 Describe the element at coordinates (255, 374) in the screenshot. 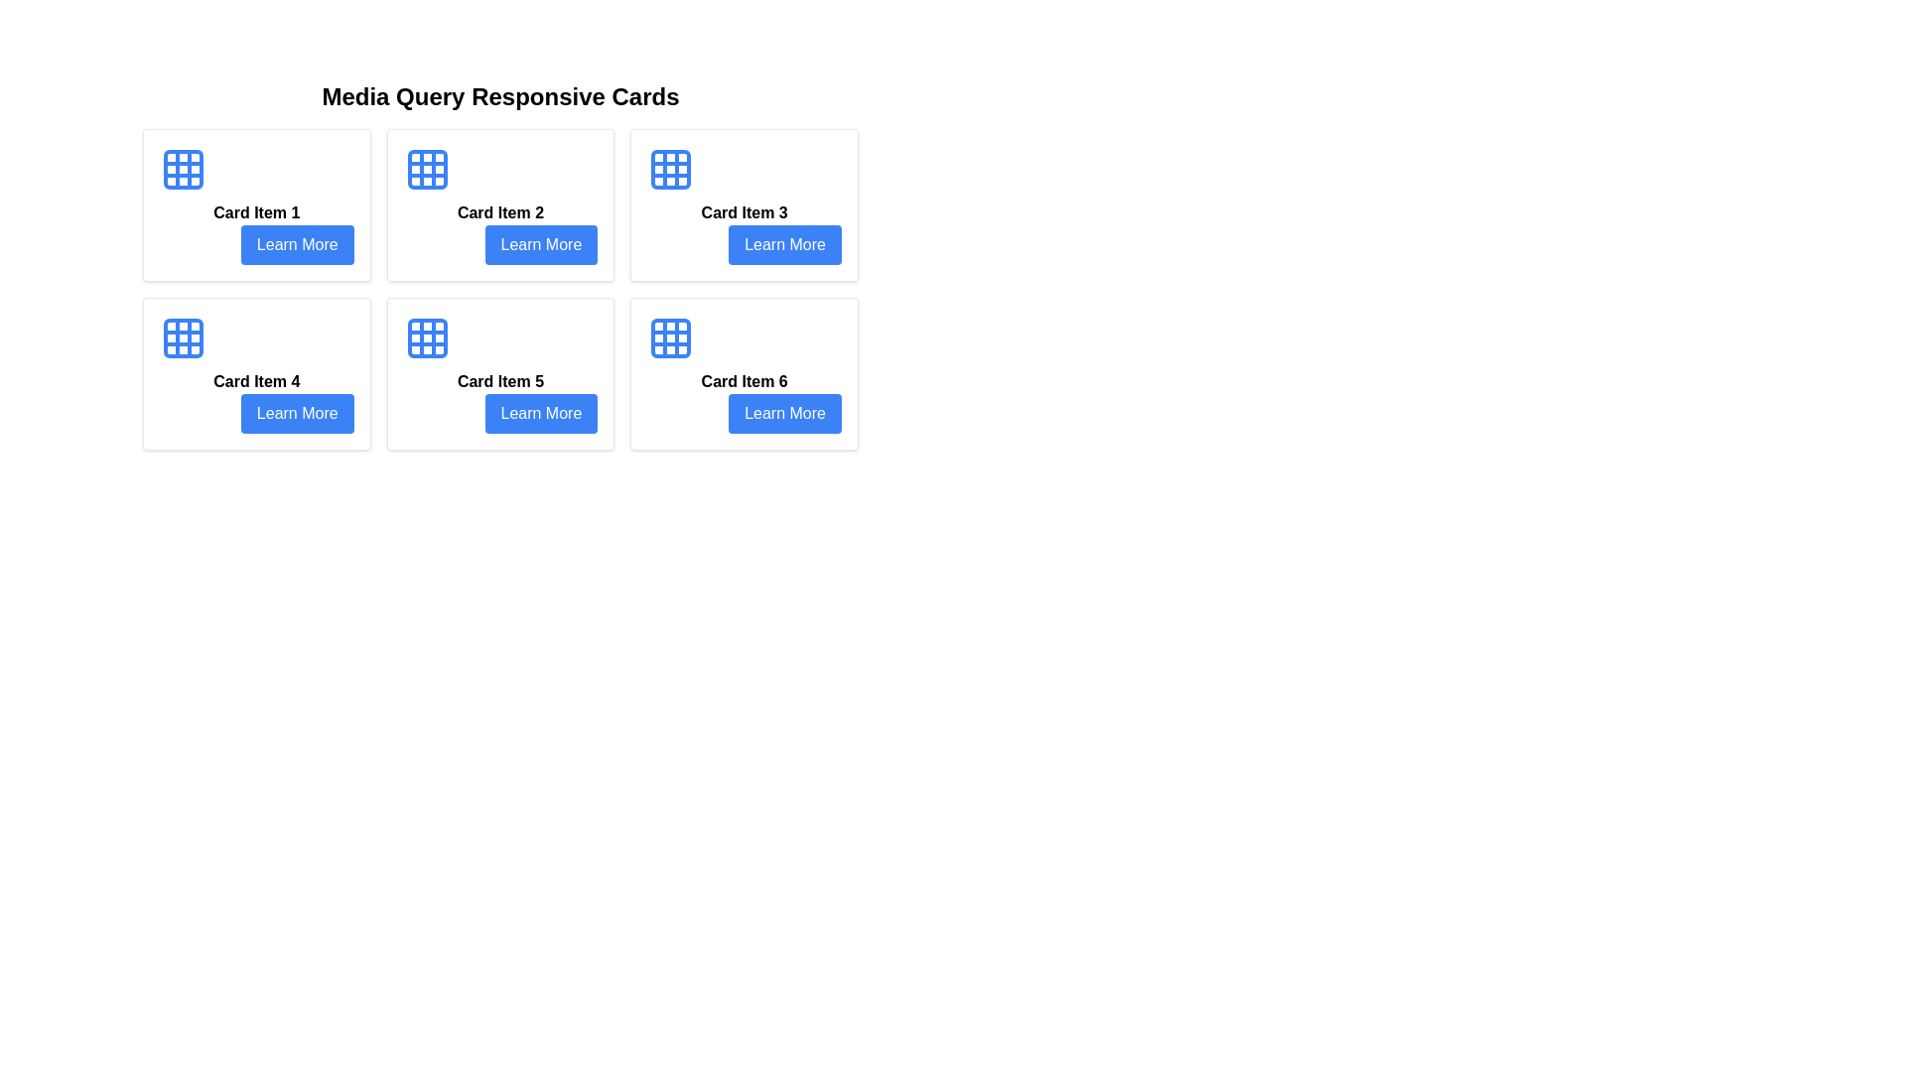

I see `the fourth card element in the grid layout, which serves as a content unit` at that location.